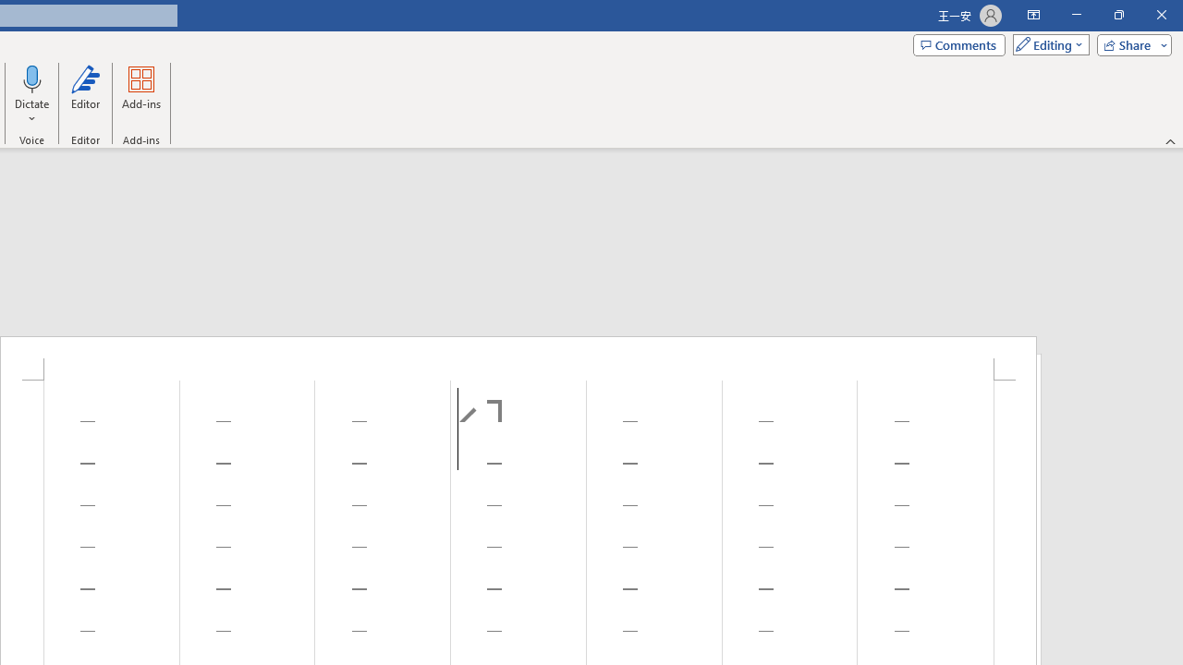 The height and width of the screenshot is (665, 1183). What do you see at coordinates (959, 43) in the screenshot?
I see `'Comments'` at bounding box center [959, 43].